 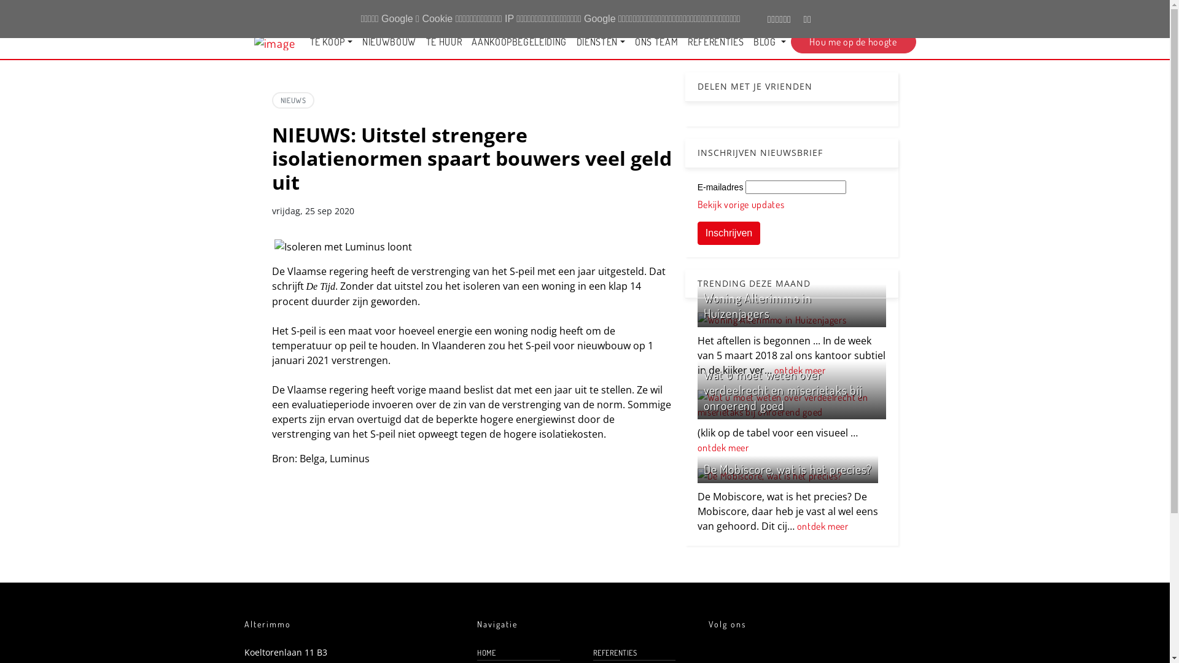 What do you see at coordinates (330, 41) in the screenshot?
I see `'TE KOOP'` at bounding box center [330, 41].